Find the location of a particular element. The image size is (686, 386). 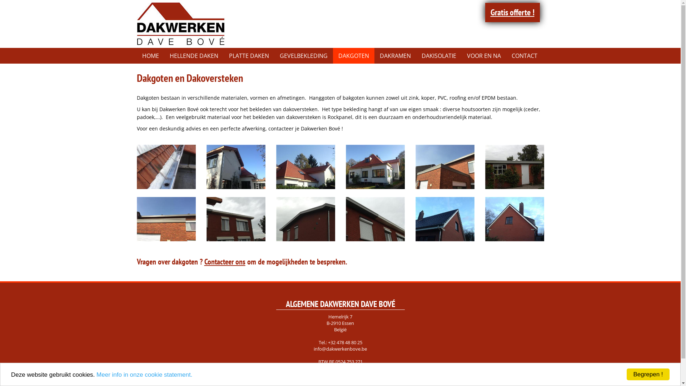

'DAKGOTEN' is located at coordinates (332, 55).